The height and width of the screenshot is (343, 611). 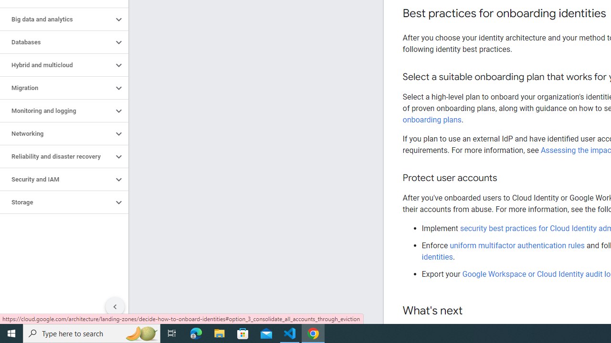 I want to click on 'Databases', so click(x=56, y=41).